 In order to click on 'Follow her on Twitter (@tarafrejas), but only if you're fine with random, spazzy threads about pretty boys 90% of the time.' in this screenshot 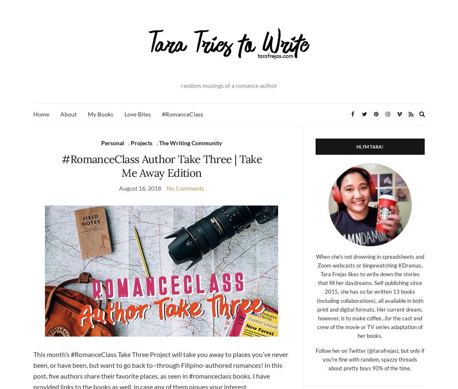, I will do `click(369, 359)`.